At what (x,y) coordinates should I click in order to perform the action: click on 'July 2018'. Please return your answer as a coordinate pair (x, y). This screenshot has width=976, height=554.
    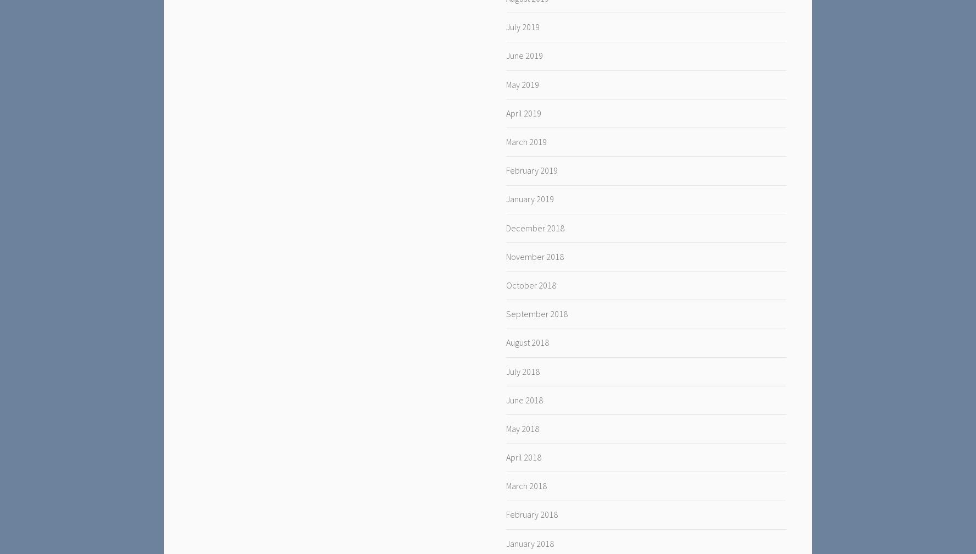
    Looking at the image, I should click on (522, 370).